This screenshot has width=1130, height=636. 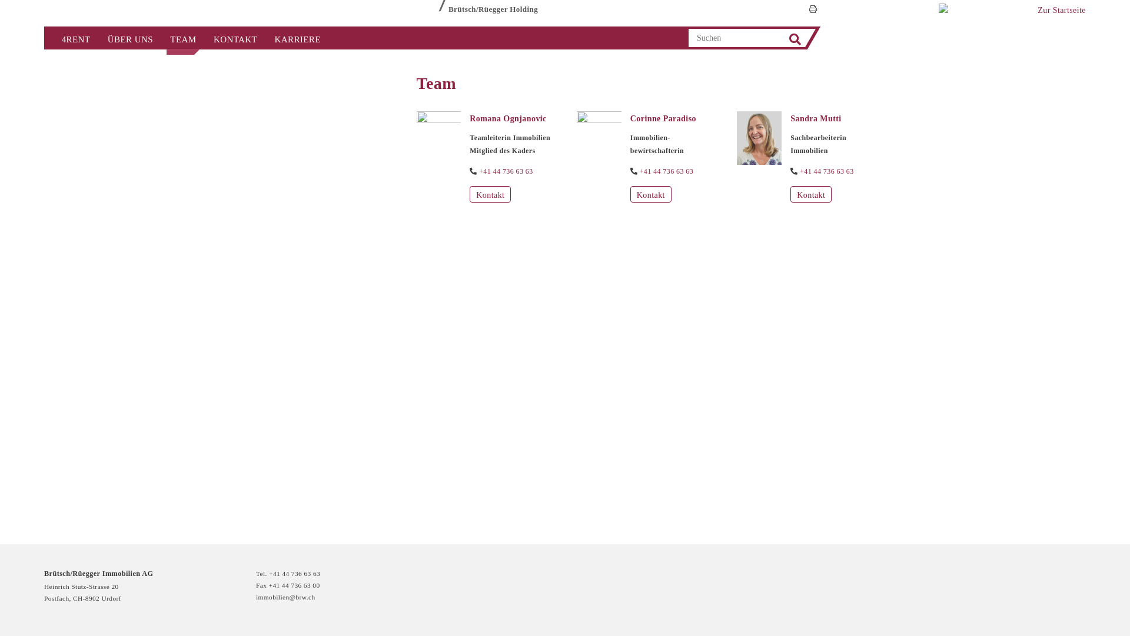 What do you see at coordinates (490, 194) in the screenshot?
I see `'Kontakt'` at bounding box center [490, 194].